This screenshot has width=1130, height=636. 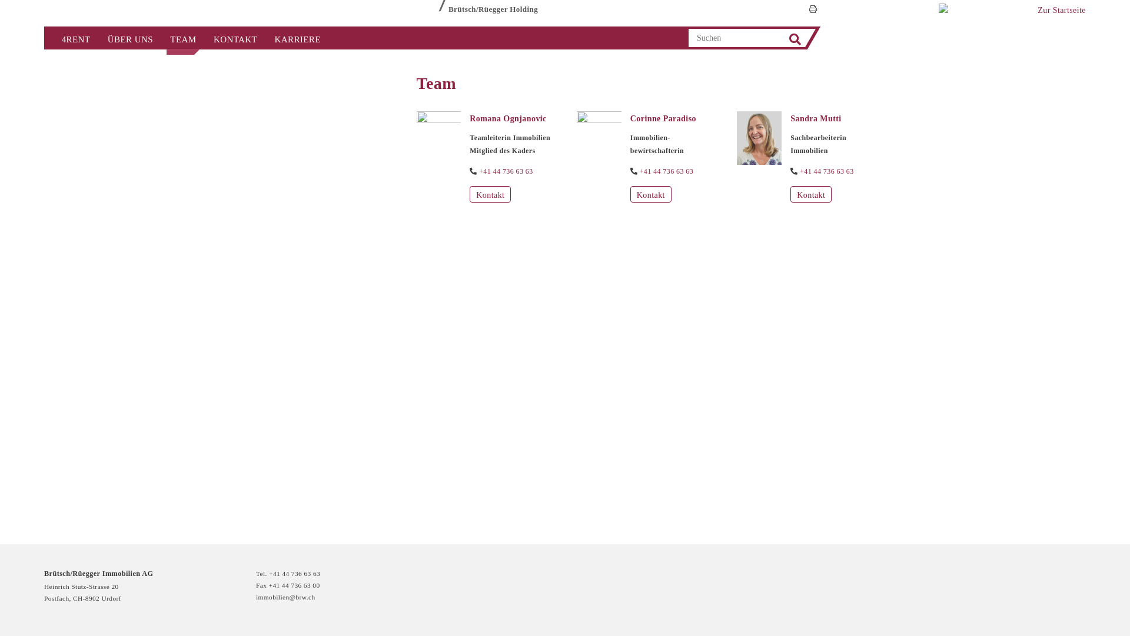 What do you see at coordinates (490, 194) in the screenshot?
I see `'Kontakt'` at bounding box center [490, 194].